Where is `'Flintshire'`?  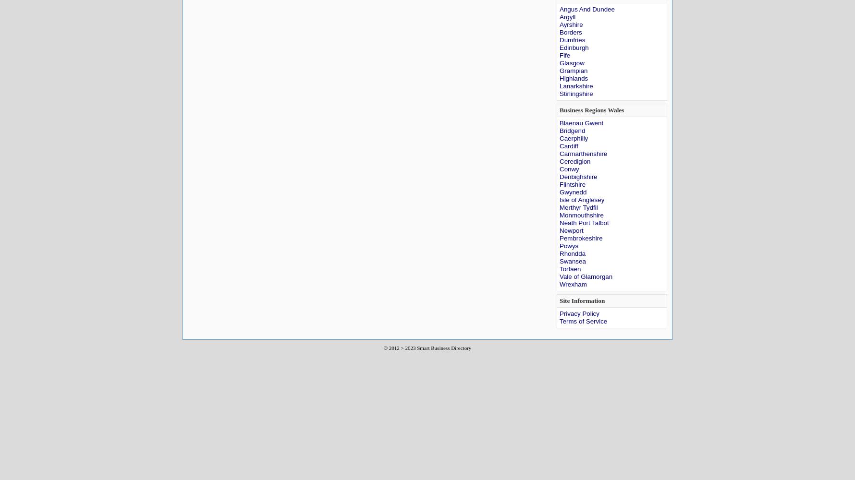
'Flintshire' is located at coordinates (573, 184).